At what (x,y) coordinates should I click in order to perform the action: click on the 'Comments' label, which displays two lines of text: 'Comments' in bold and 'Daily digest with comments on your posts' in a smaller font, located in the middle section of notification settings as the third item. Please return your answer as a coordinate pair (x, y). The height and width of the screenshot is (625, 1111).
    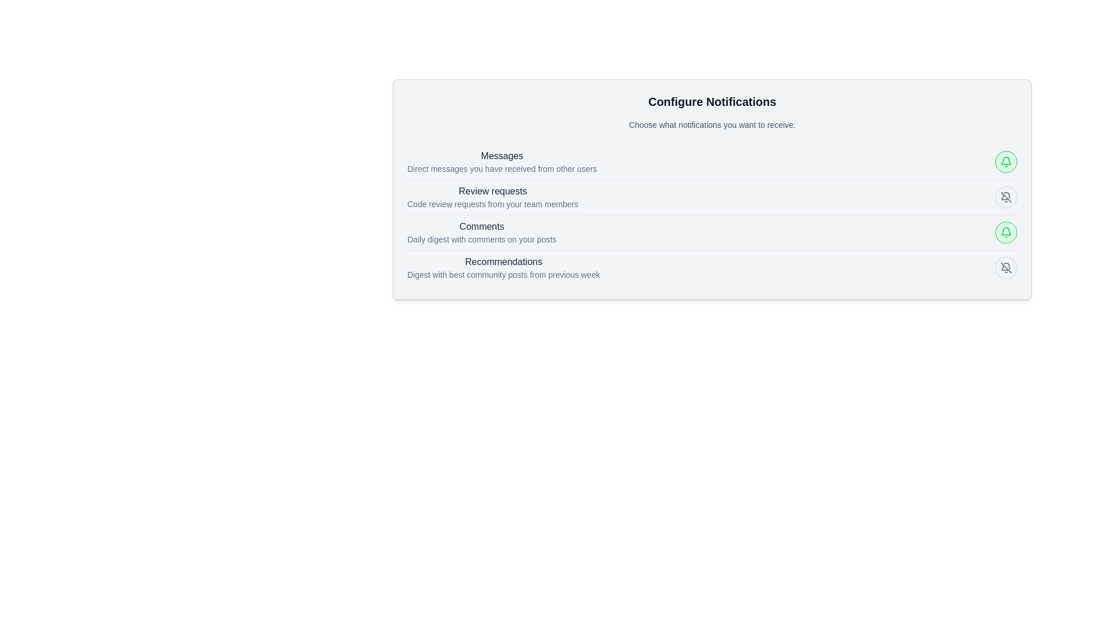
    Looking at the image, I should click on (481, 232).